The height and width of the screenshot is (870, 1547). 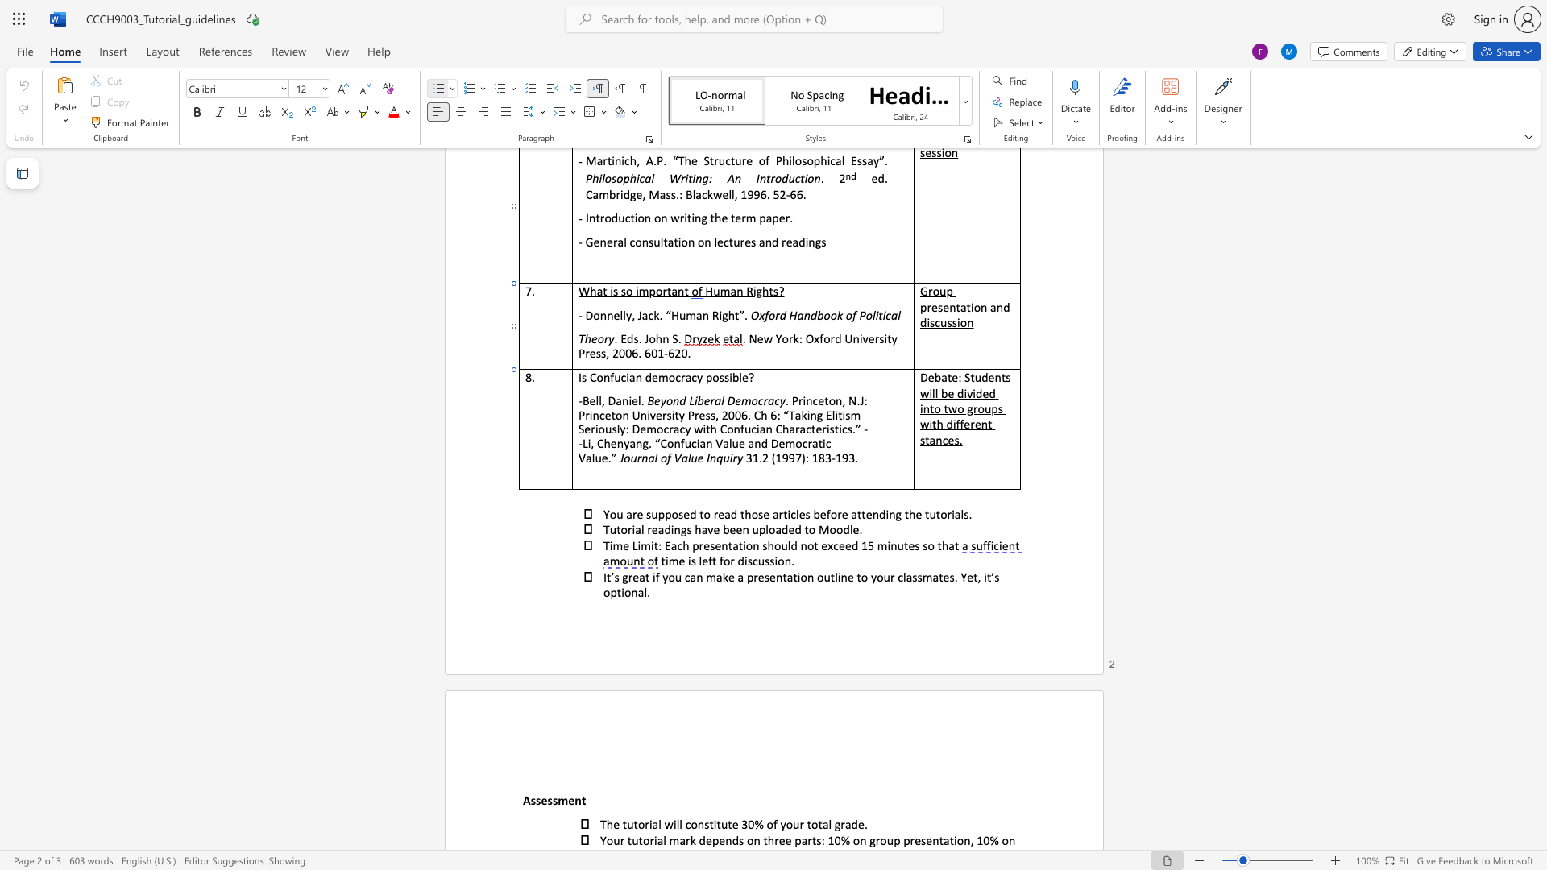 I want to click on the 1th character "u" in the text, so click(x=760, y=560).